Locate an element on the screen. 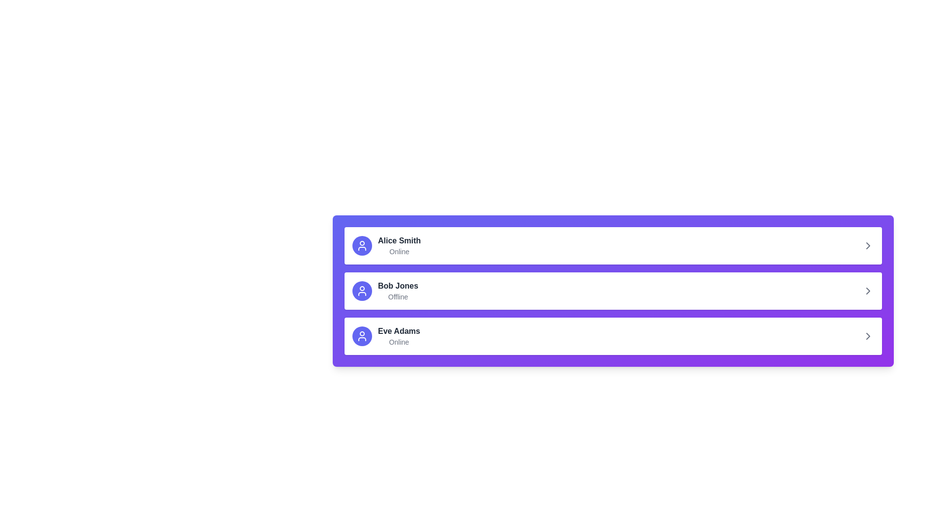 Image resolution: width=945 pixels, height=531 pixels. the user entry for 'Bob Jones', which is the second item in the user list, featuring a profile avatar, the name in bold, and a status of 'Offline' is located at coordinates (613, 290).